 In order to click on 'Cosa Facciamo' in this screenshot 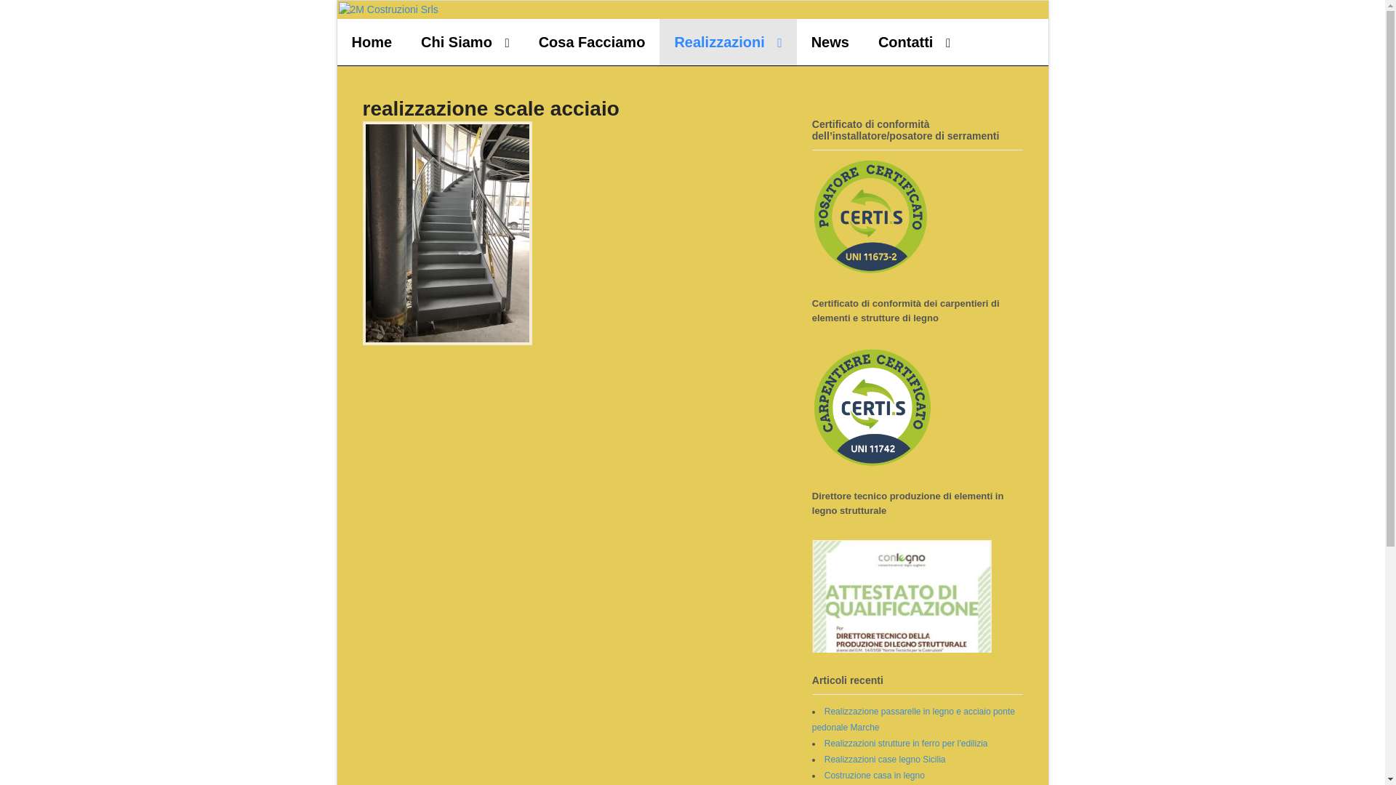, I will do `click(592, 41)`.